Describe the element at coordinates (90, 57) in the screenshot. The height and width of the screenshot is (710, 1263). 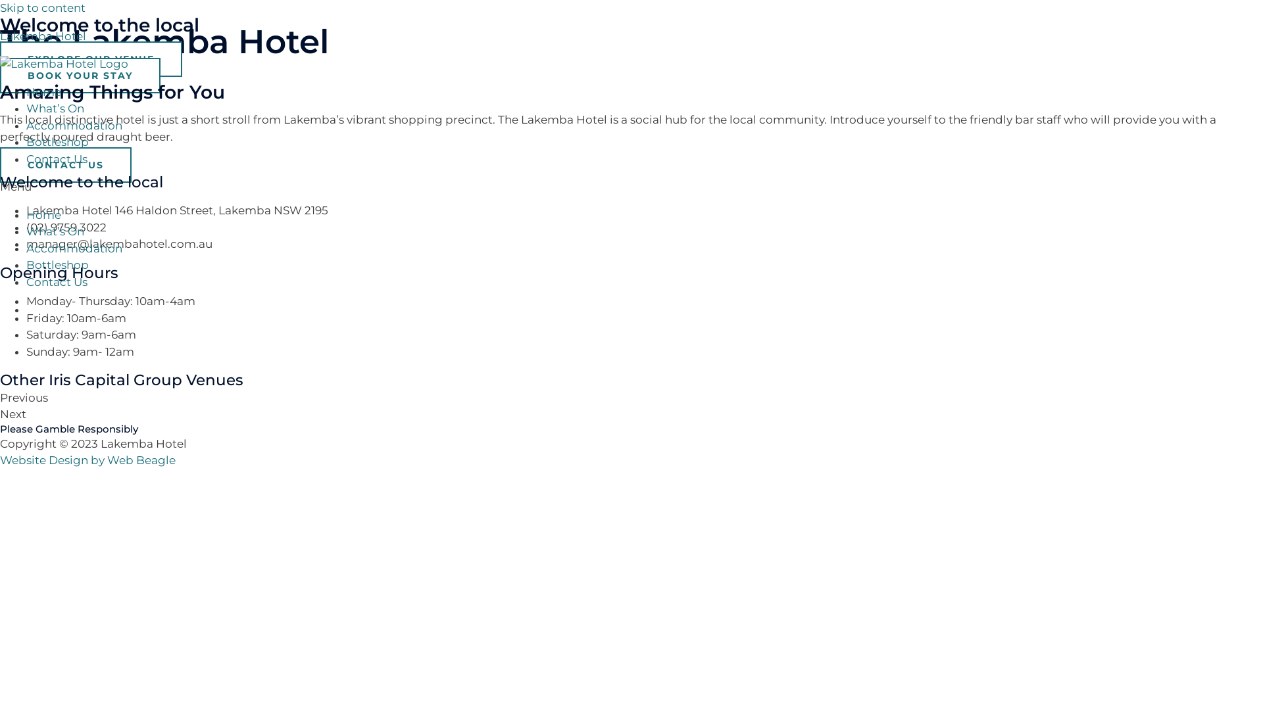
I see `'EXPLORE OUR VENUE'` at that location.